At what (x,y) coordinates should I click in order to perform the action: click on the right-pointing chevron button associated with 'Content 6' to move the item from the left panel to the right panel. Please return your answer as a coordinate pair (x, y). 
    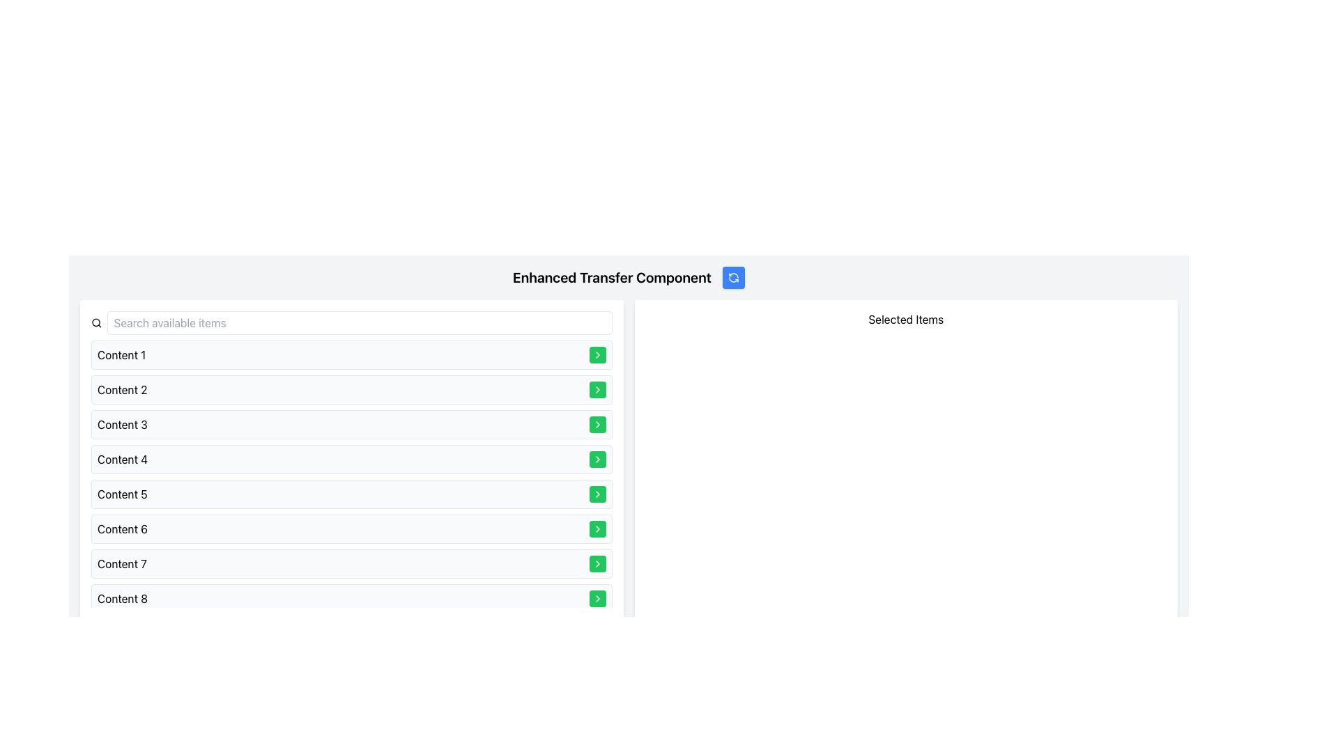
    Looking at the image, I should click on (597, 354).